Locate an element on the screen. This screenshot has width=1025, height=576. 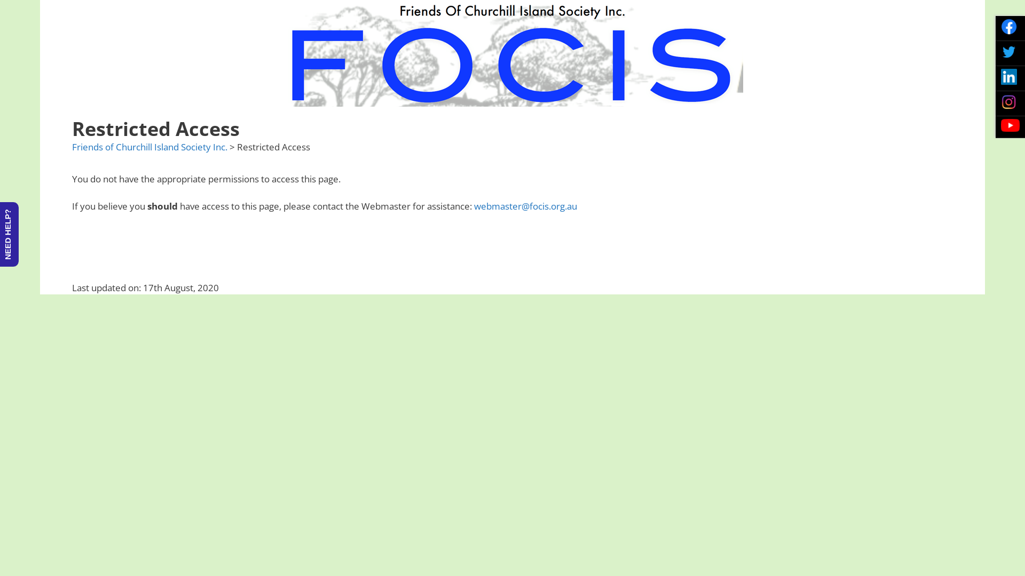
'Instragram' is located at coordinates (1008, 102).